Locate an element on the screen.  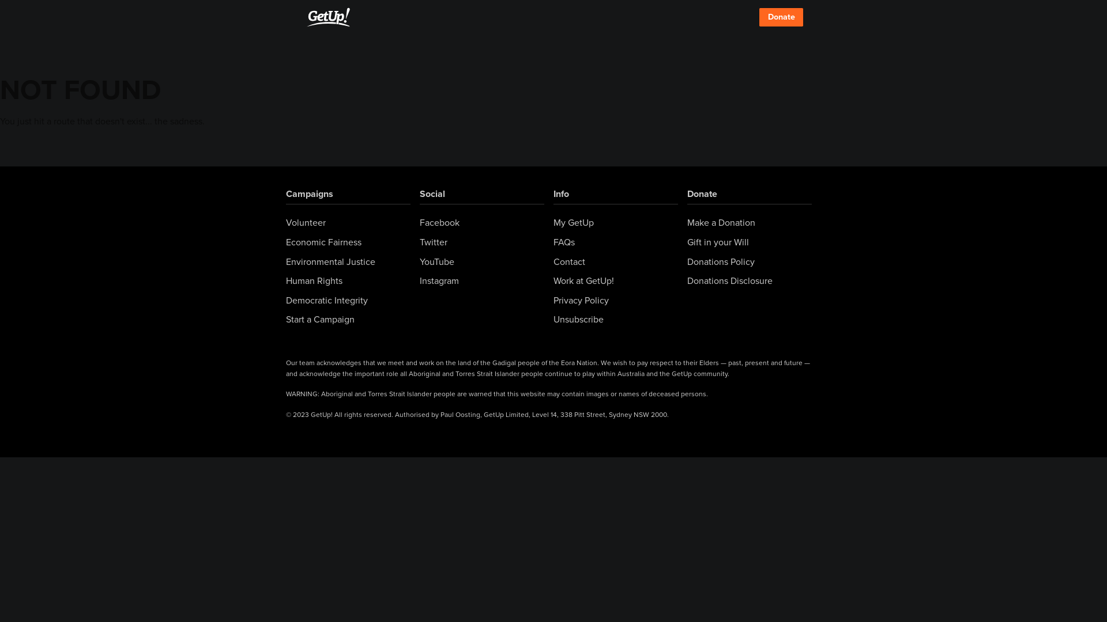
'FAQs' is located at coordinates (564, 241).